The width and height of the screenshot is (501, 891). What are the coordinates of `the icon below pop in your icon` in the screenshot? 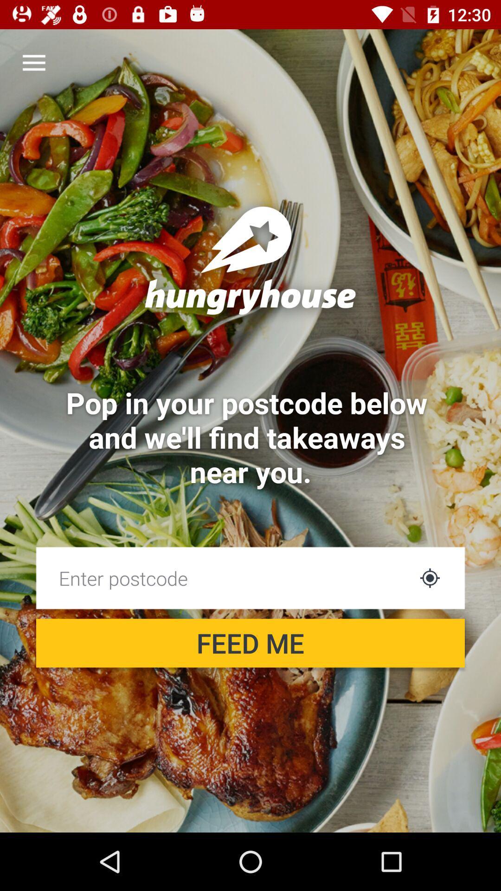 It's located at (430, 577).